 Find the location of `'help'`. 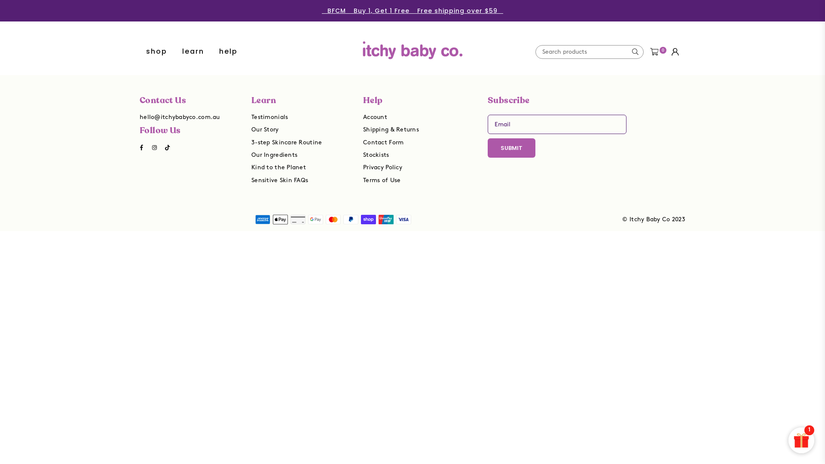

'help' is located at coordinates (228, 52).